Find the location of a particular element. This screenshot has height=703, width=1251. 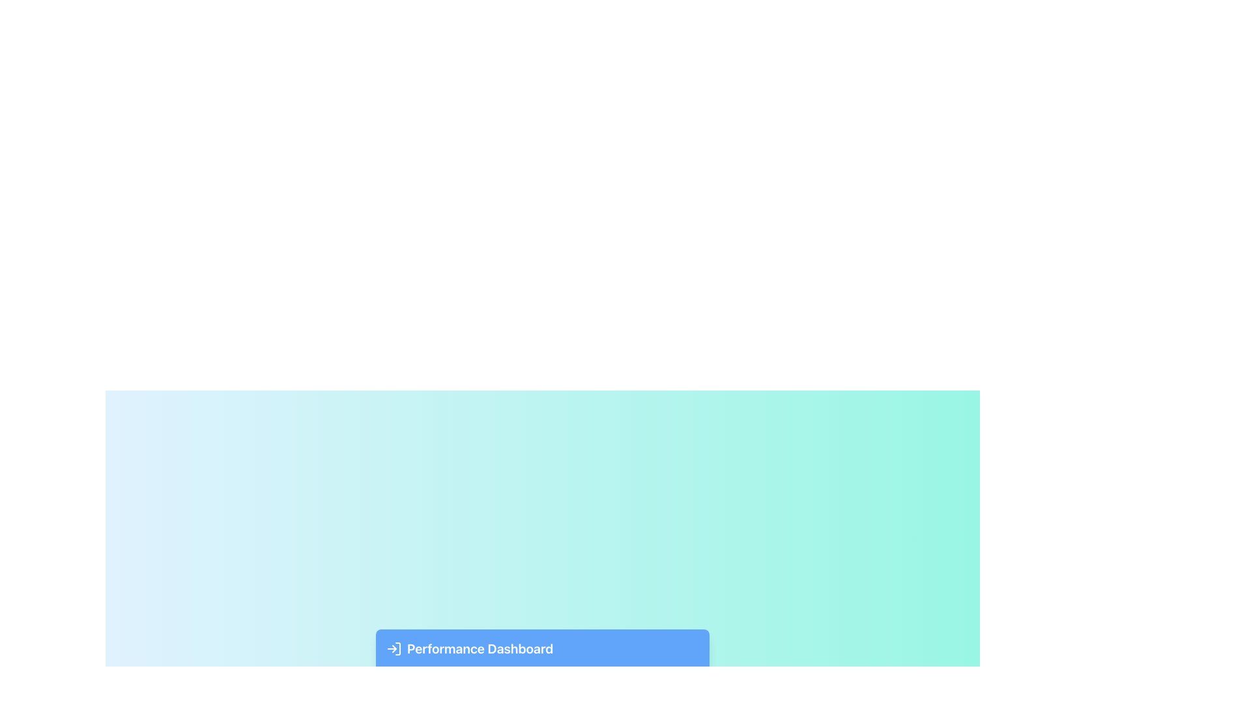

the arrowhead element in the lower right corner of the interface, which serves as a pointer in the navigation representation of the 'Performance Dashboard' icon is located at coordinates (394, 648).